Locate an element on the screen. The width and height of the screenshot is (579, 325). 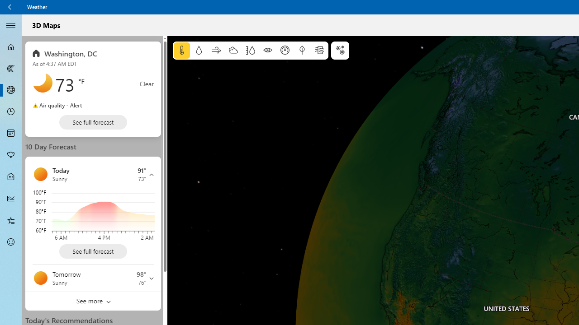
'Back' is located at coordinates (11, 7).